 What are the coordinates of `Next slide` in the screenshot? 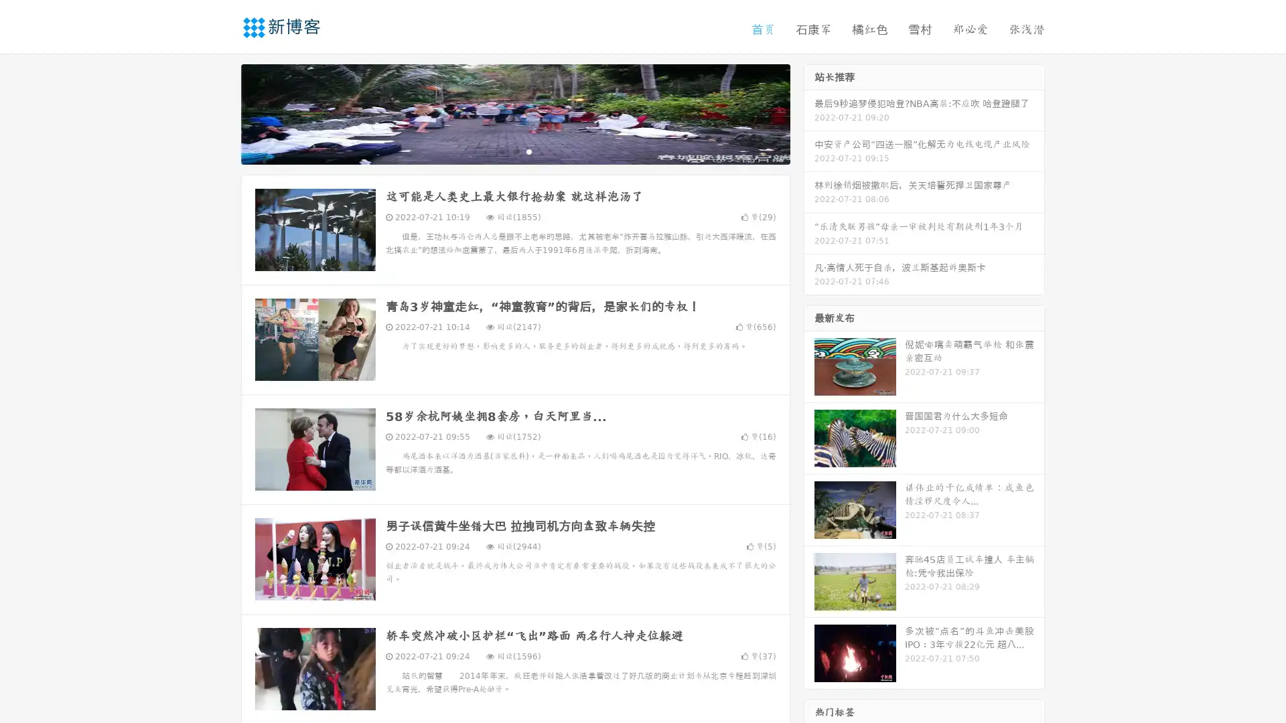 It's located at (809, 112).